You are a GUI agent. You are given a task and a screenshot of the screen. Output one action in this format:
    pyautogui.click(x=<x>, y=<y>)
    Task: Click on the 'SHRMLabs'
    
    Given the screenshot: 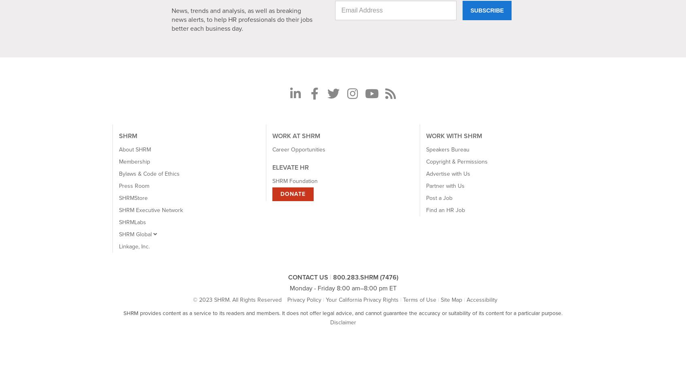 What is the action you would take?
    pyautogui.click(x=132, y=221)
    